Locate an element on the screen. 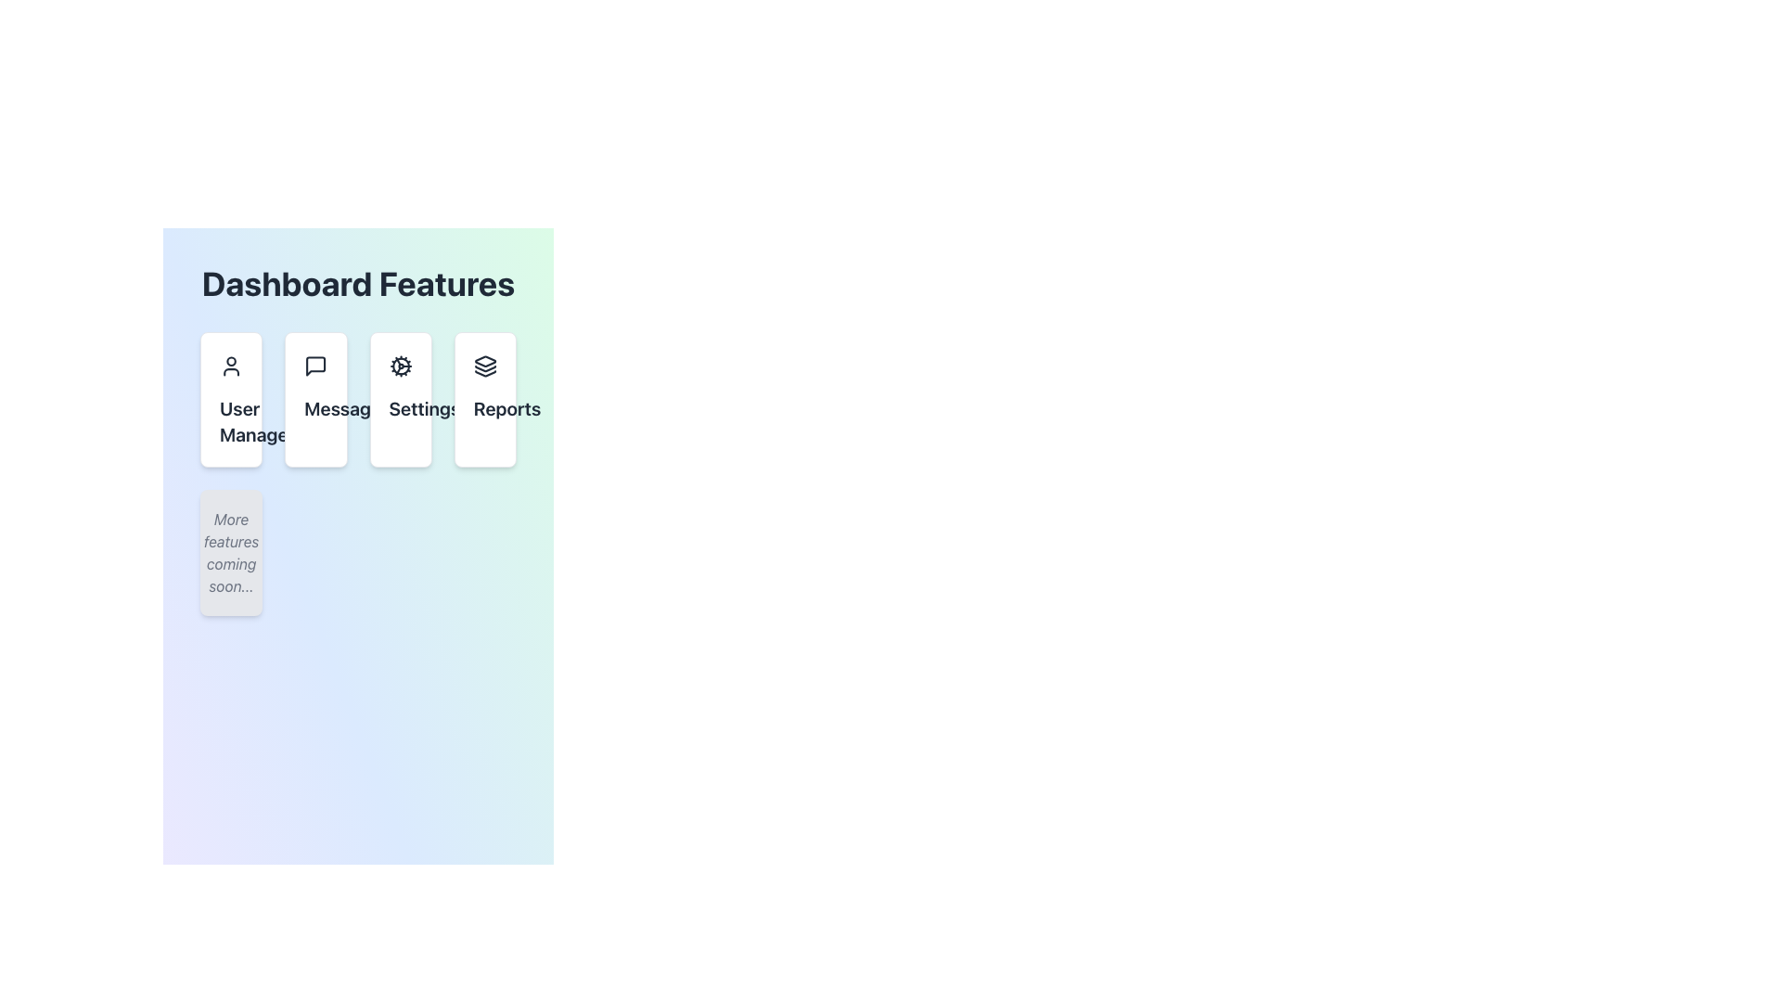  the 'Settings' button for keyboard navigation is located at coordinates (400, 399).